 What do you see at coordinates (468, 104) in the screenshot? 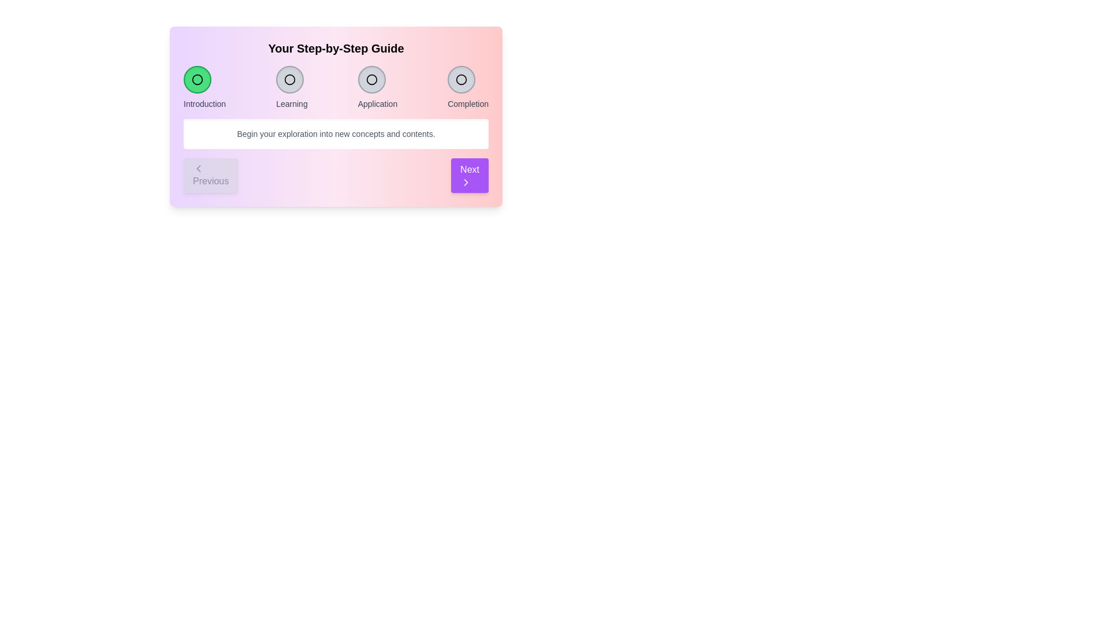
I see `the text label reading 'Completion' that is styled with a medium-sized gray font, positioned below a circular icon on the far right of a row of components` at bounding box center [468, 104].